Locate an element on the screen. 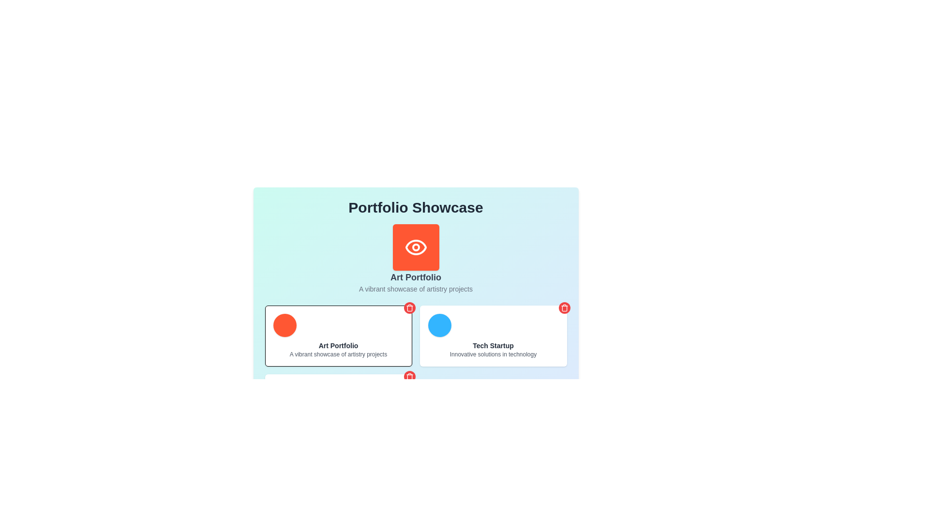  the delete icon button located at the top-right corner of the 'Art Portfolio' card is located at coordinates (409, 308).